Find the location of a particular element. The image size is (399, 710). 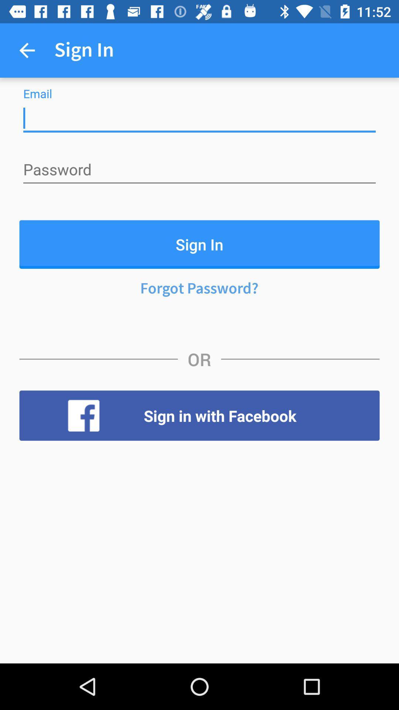

insert email is located at coordinates (199, 118).